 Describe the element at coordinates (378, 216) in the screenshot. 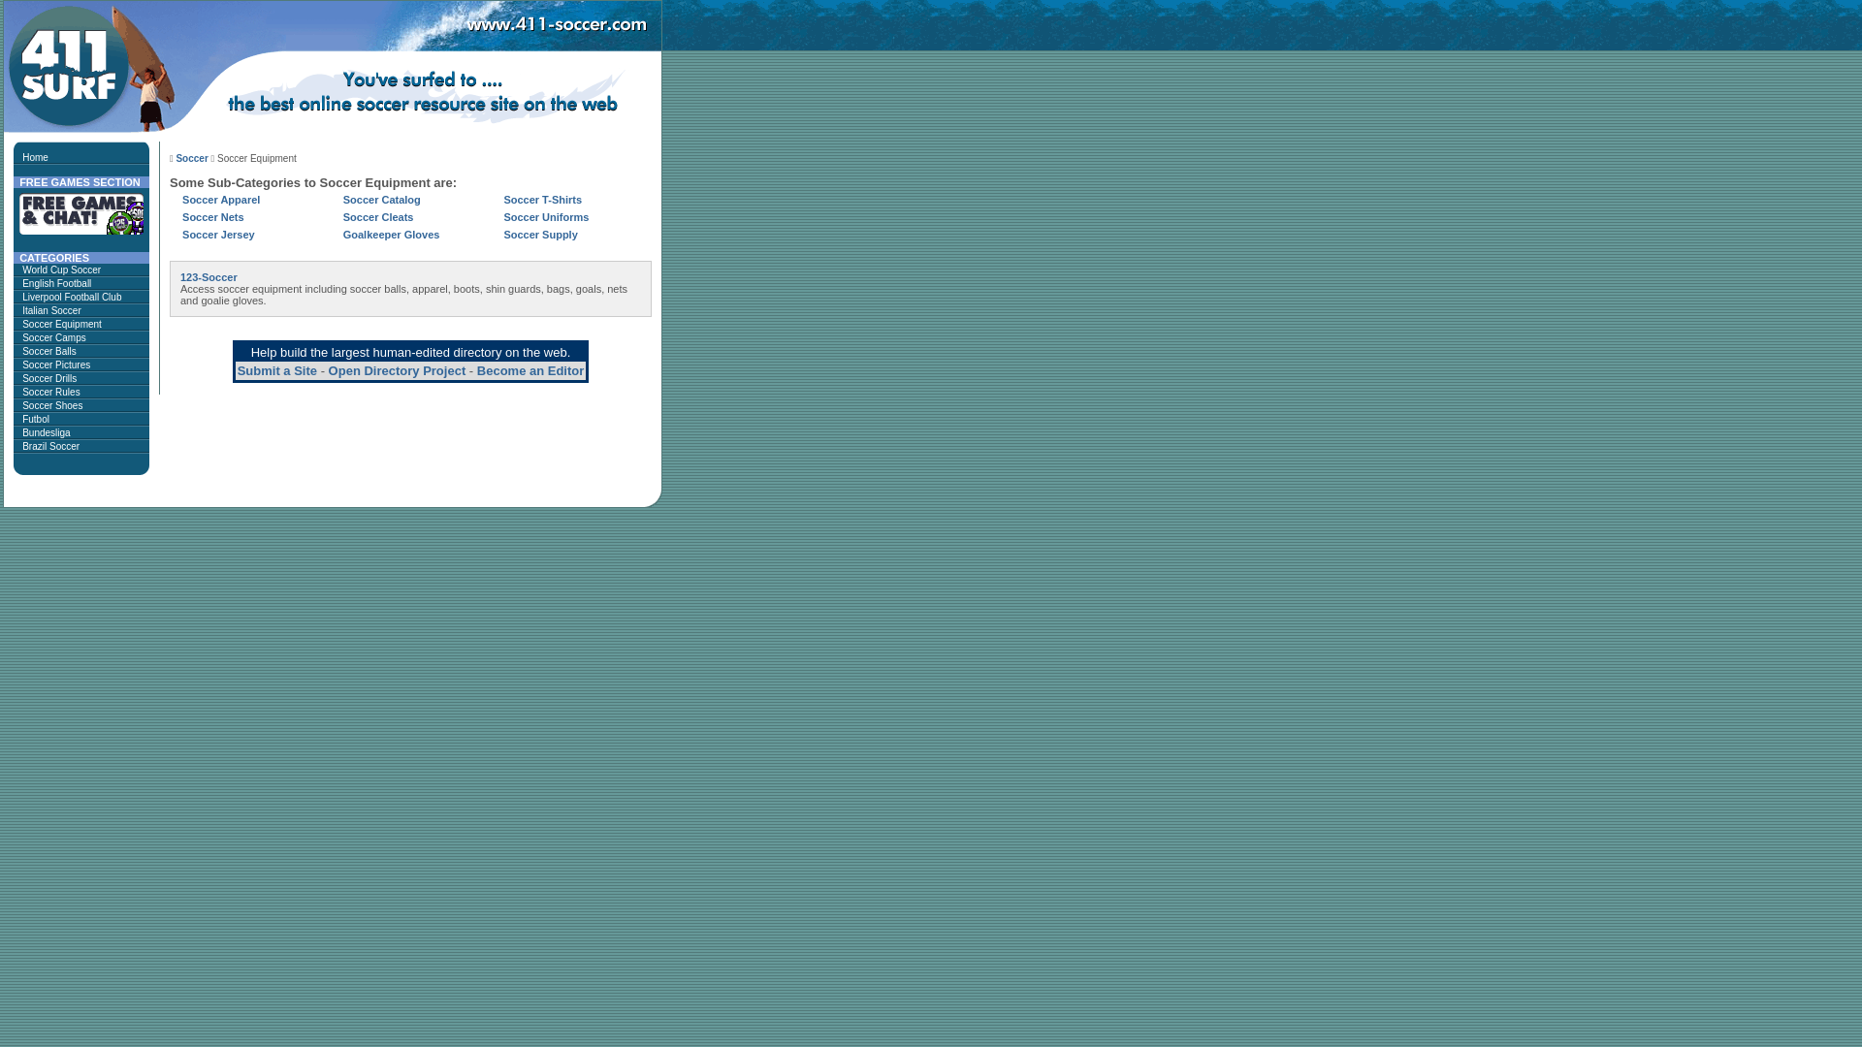

I see `'Soccer Cleats'` at that location.